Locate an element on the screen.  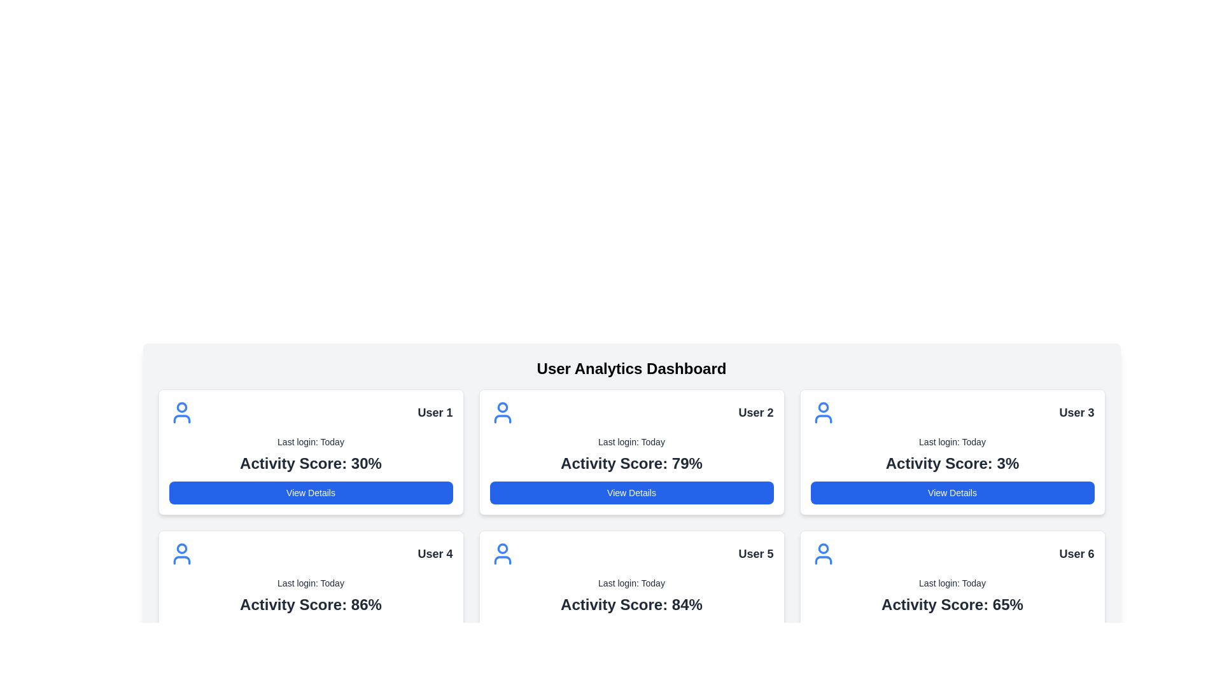
the static text label that displays the activity score for 'User 2', positioned centrally within the card, below 'Last login: Today' and above the 'View Details' button is located at coordinates (631, 464).